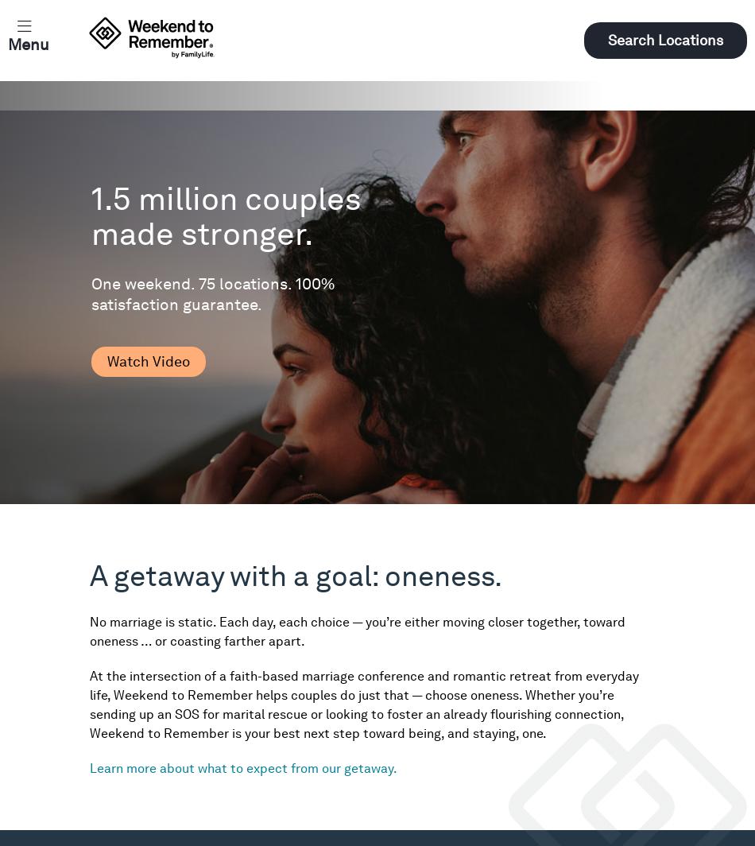 This screenshot has width=755, height=846. I want to click on 'Search Locations', so click(664, 40).